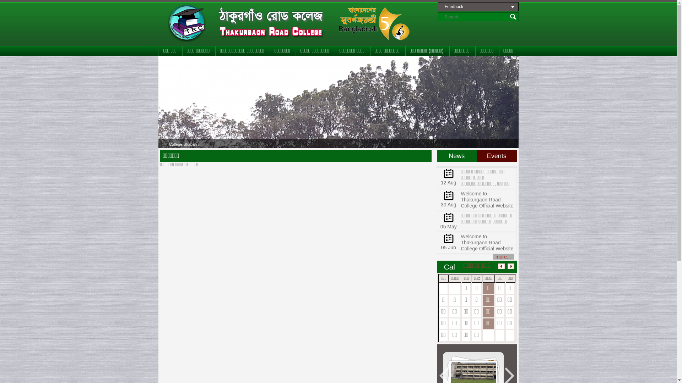  What do you see at coordinates (503, 257) in the screenshot?
I see `'more...'` at bounding box center [503, 257].